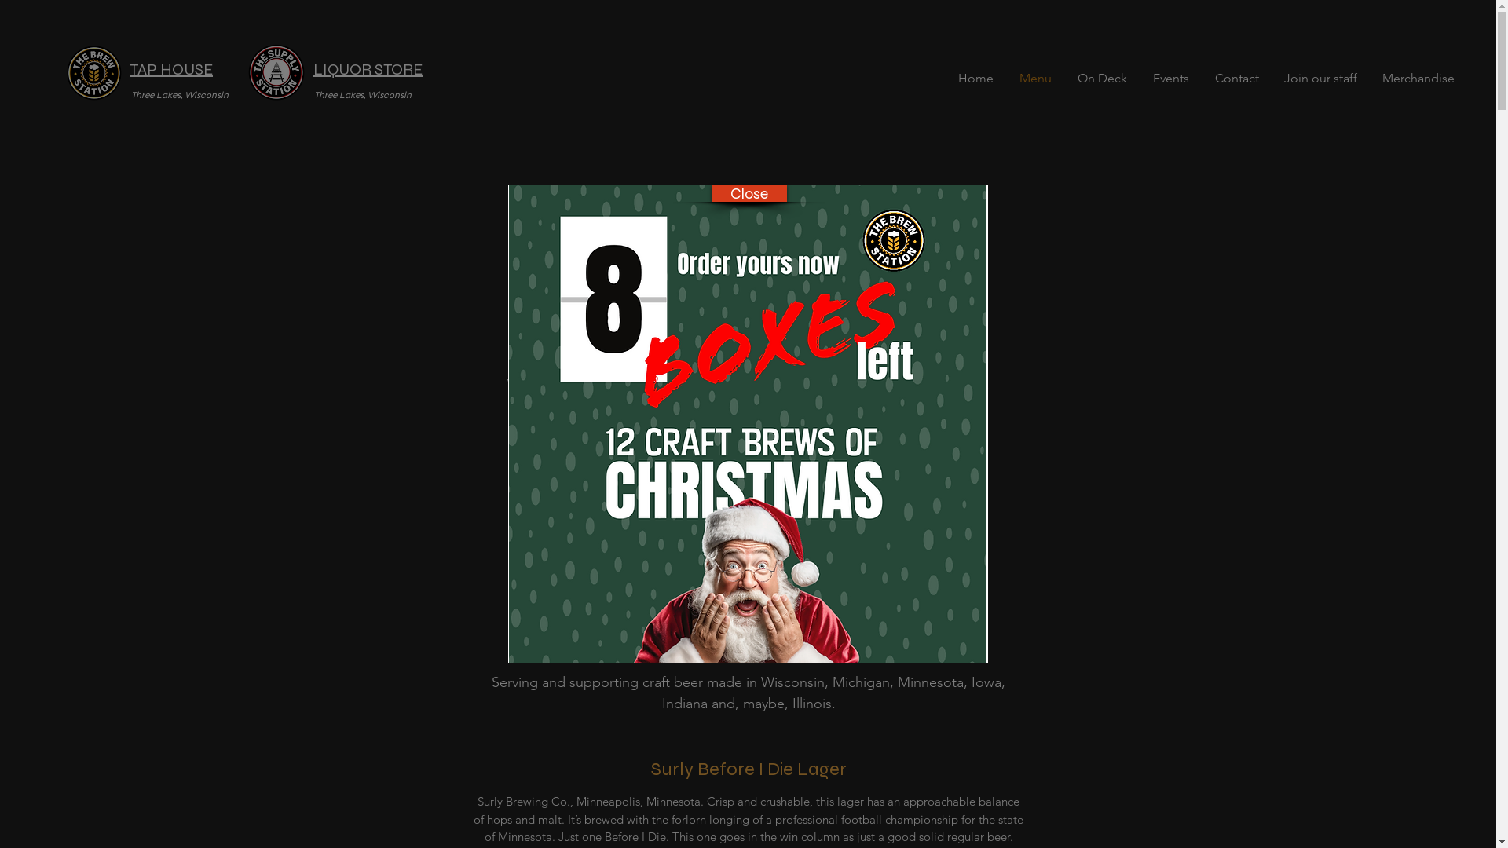  Describe the element at coordinates (1035, 79) in the screenshot. I see `'Menu'` at that location.